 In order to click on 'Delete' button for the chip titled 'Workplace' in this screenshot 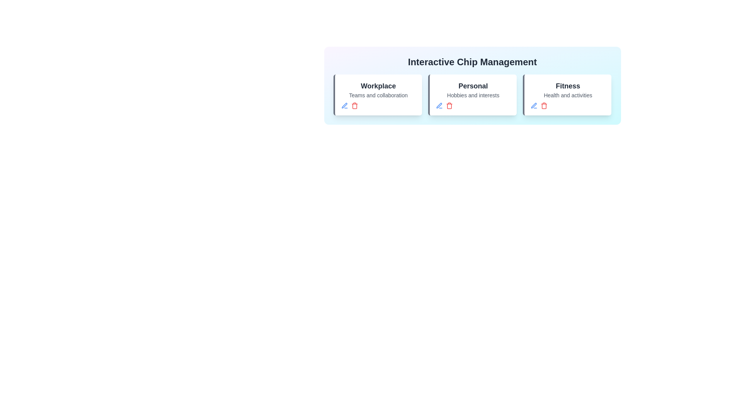, I will do `click(354, 105)`.